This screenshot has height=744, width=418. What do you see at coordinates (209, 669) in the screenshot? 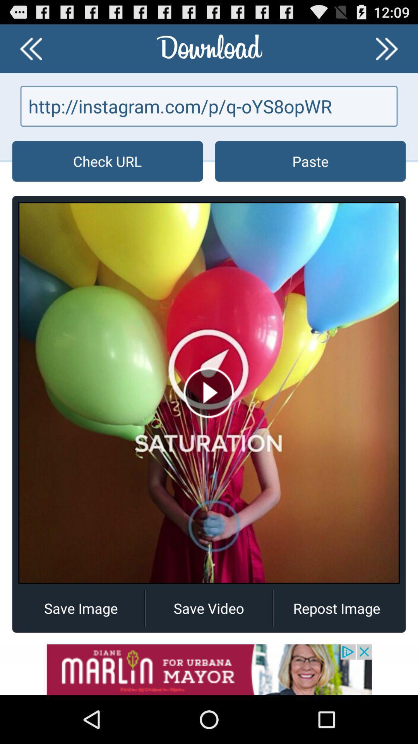
I see `advertisement banner` at bounding box center [209, 669].